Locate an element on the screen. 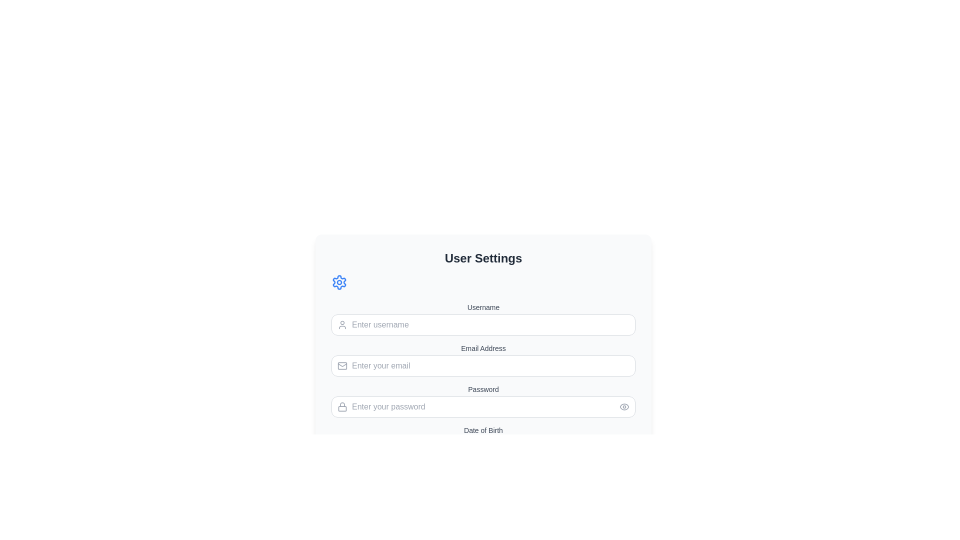  the Password input field to focus it, which allows users to enter their password in the obfuscated input area is located at coordinates (483, 406).